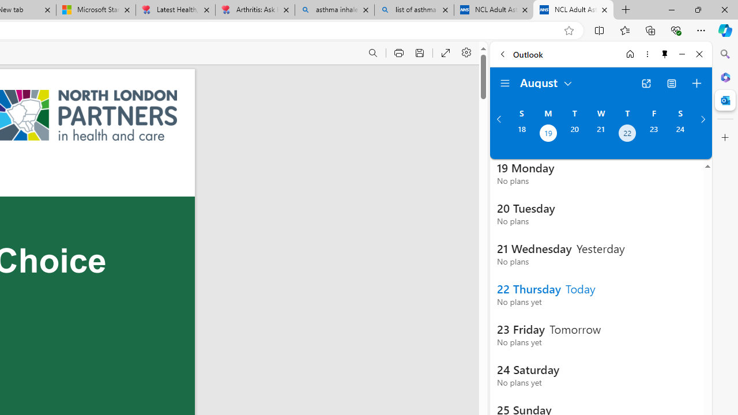  What do you see at coordinates (505, 83) in the screenshot?
I see `'Folder navigation'` at bounding box center [505, 83].